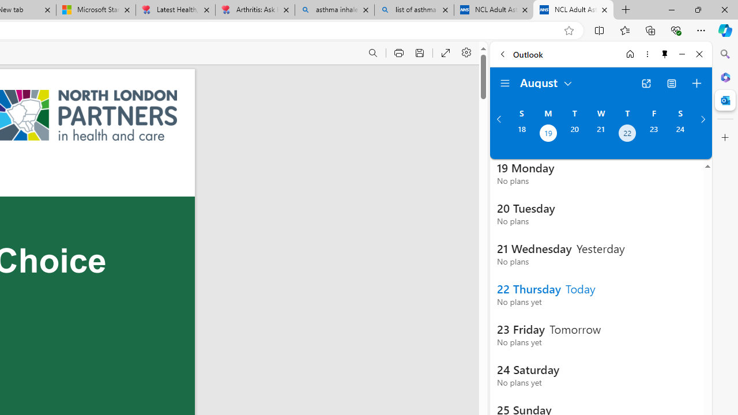  What do you see at coordinates (505, 83) in the screenshot?
I see `'Folder navigation'` at bounding box center [505, 83].